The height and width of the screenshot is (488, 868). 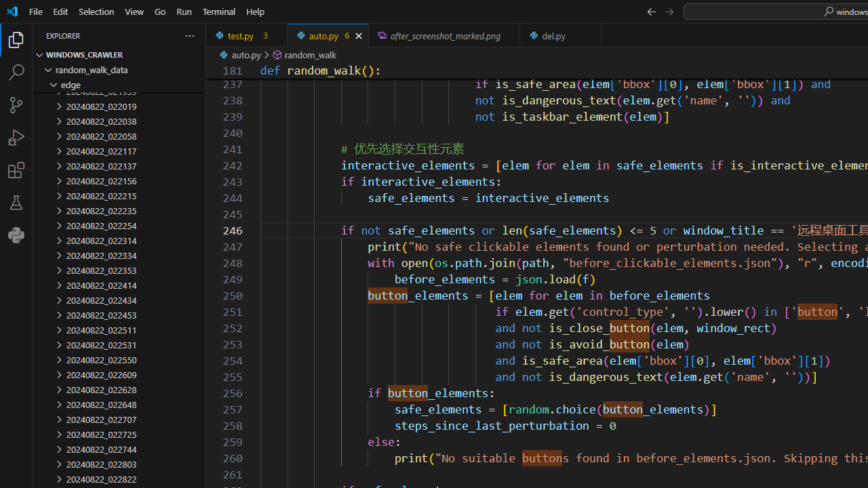 I want to click on 'Go', so click(x=160, y=11).